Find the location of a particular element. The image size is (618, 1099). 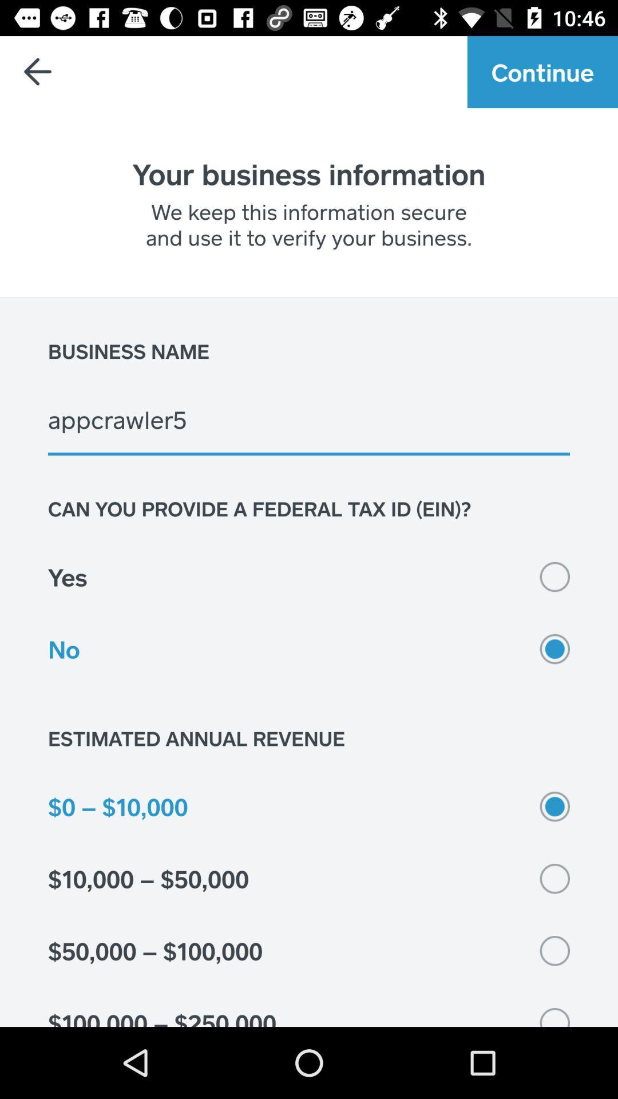

the yes icon is located at coordinates (309, 577).